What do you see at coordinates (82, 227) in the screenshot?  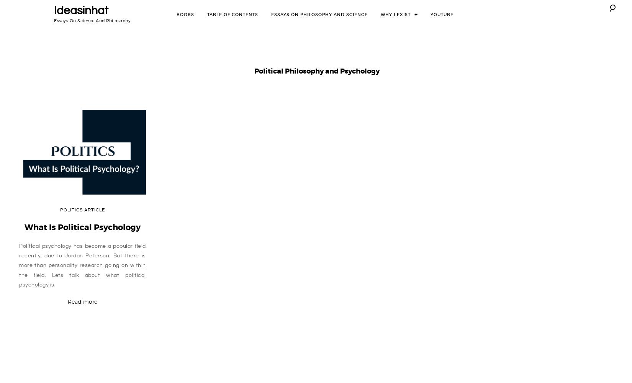 I see `'What Is Political Psychology'` at bounding box center [82, 227].